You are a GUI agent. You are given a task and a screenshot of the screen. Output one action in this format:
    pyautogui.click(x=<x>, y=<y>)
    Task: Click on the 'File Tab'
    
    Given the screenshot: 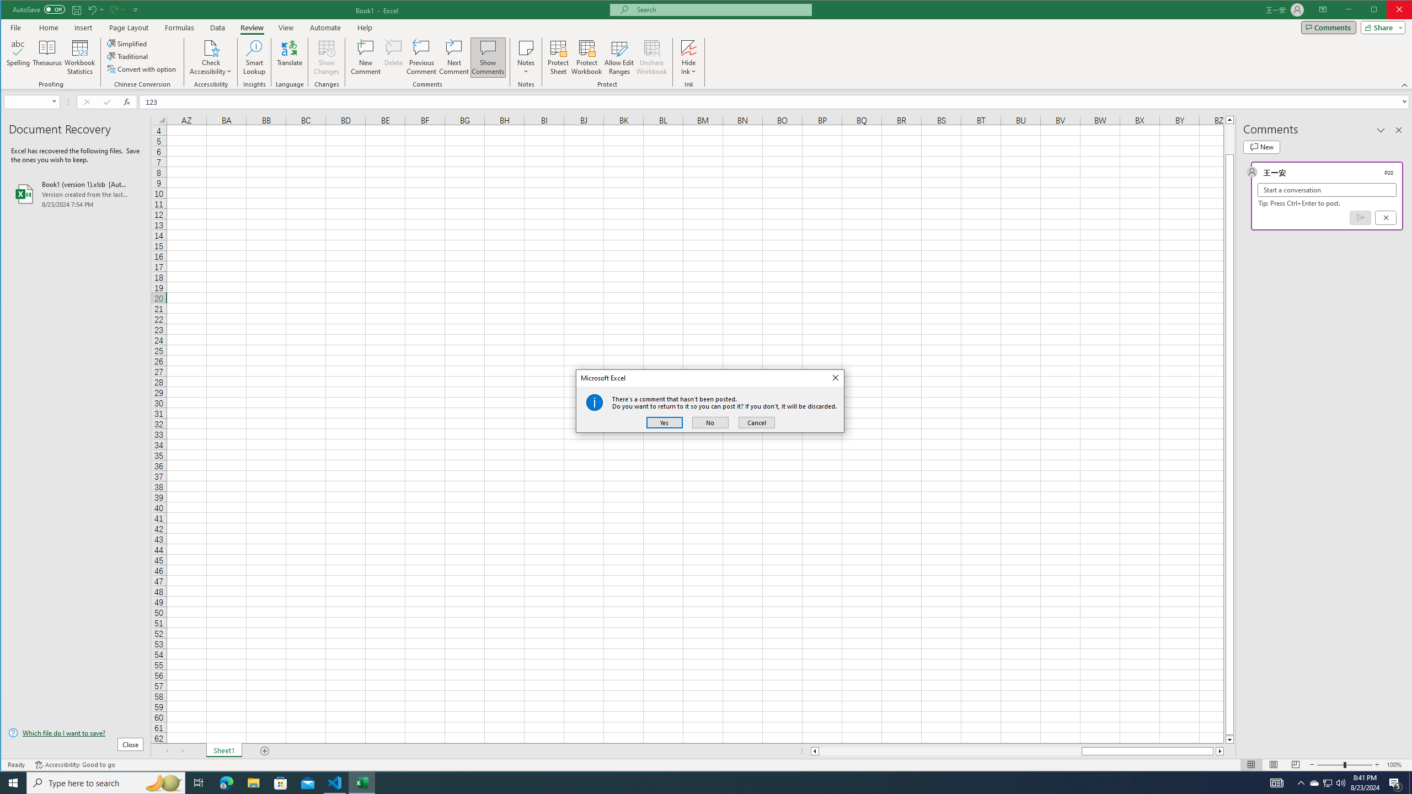 What is the action you would take?
    pyautogui.click(x=15, y=27)
    